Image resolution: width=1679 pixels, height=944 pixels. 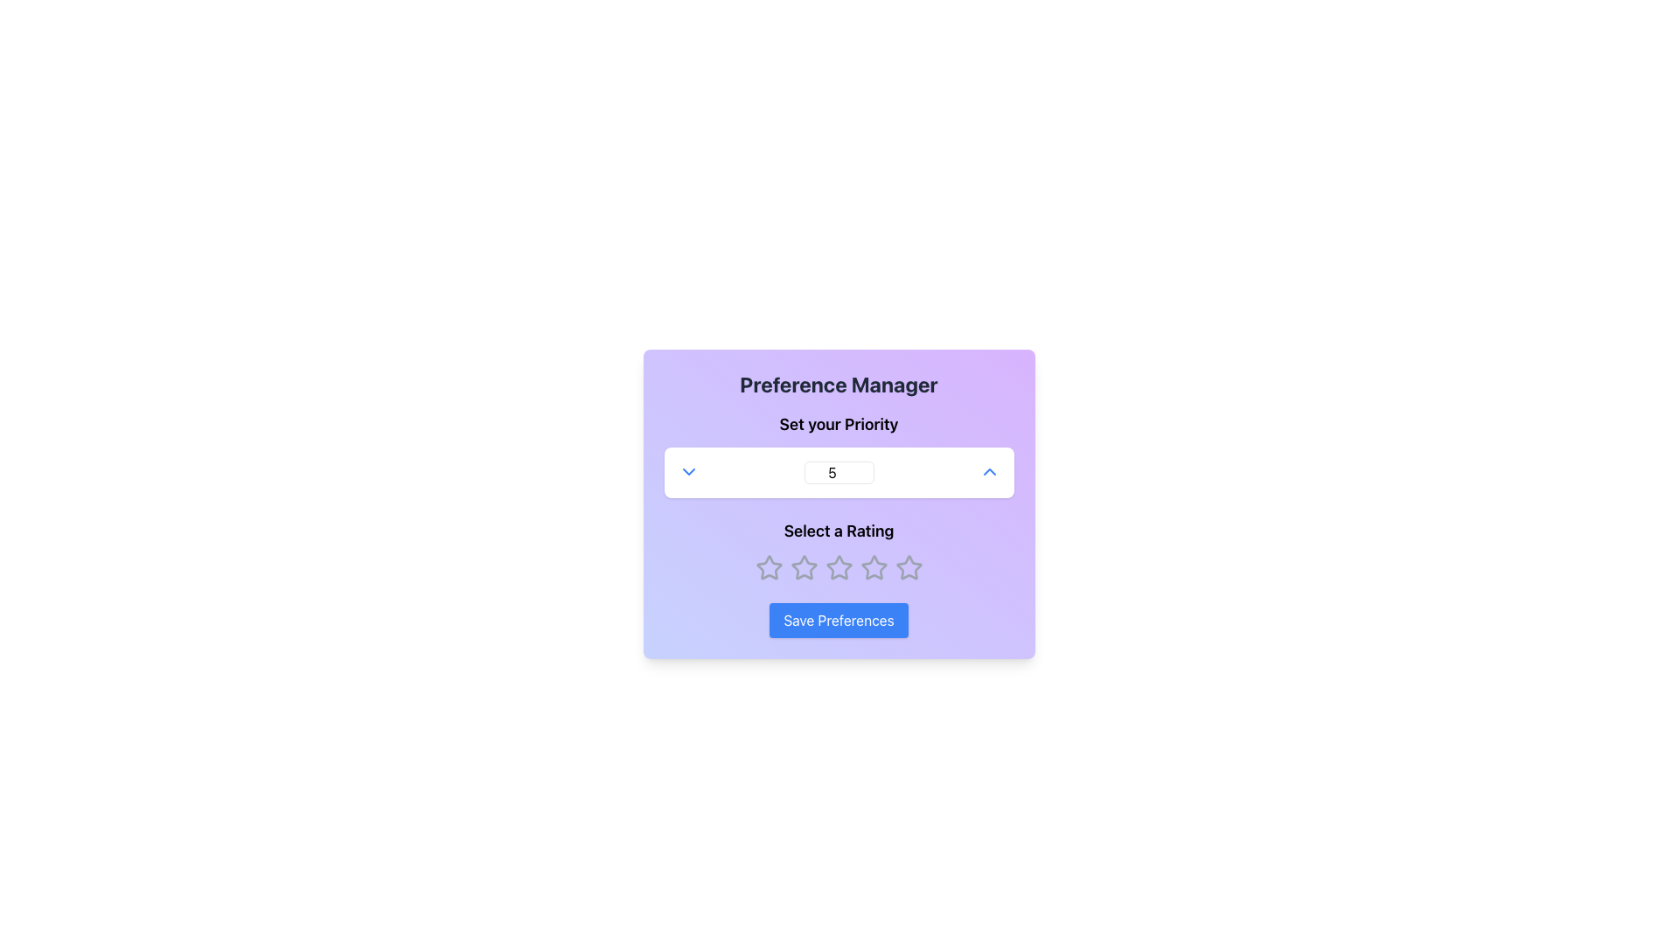 I want to click on the second star icon in the rating selection row, so click(x=803, y=567).